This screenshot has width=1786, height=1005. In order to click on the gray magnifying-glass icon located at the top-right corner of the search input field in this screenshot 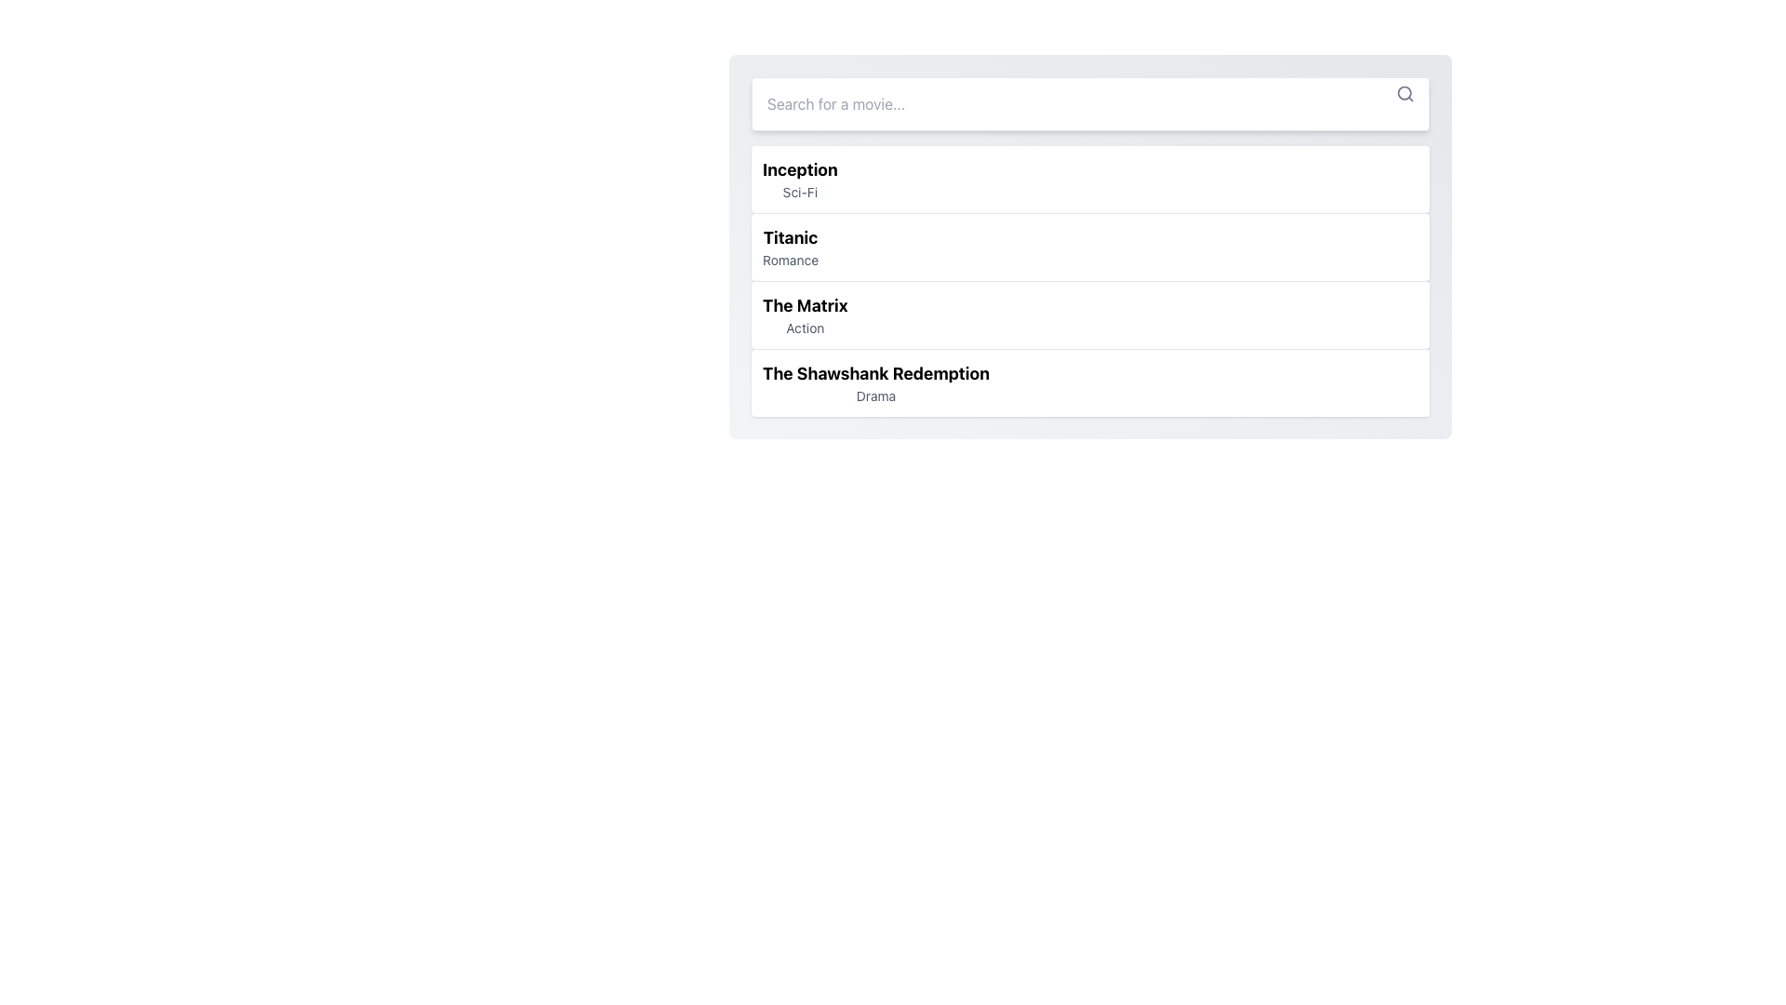, I will do `click(1406, 93)`.